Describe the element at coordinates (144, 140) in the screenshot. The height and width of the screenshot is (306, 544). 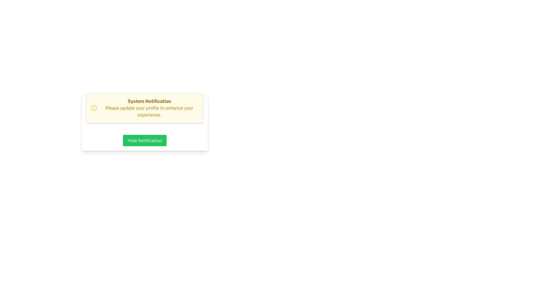
I see `the green 'Hide Notification' button with rounded corners located at the bottom of the notification card` at that location.